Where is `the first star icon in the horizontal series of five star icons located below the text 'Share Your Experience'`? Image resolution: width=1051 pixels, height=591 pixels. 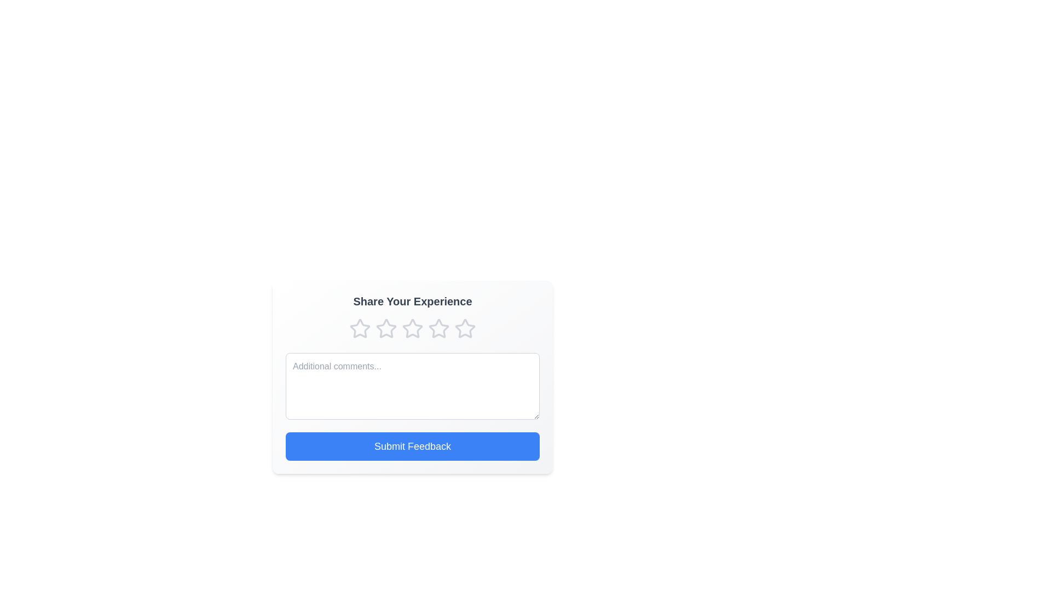
the first star icon in the horizontal series of five star icons located below the text 'Share Your Experience' is located at coordinates (360, 328).